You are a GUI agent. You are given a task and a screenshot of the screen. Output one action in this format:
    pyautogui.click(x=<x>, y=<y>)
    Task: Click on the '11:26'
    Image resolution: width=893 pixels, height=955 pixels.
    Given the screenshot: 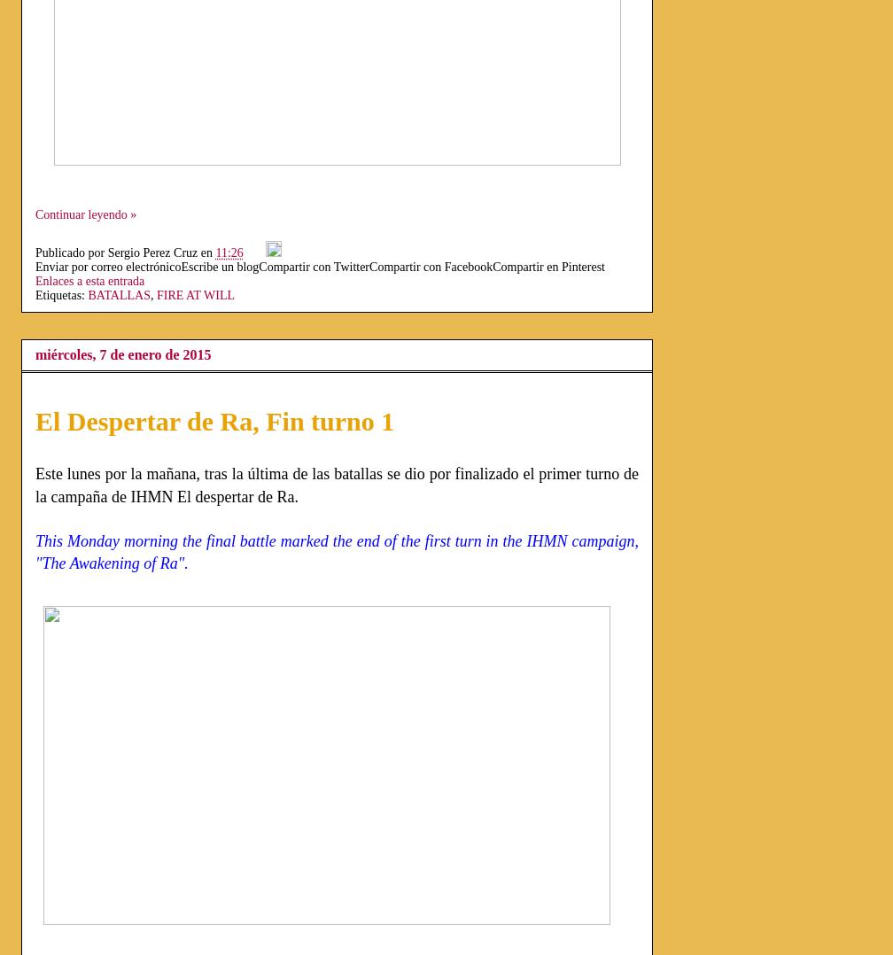 What is the action you would take?
    pyautogui.click(x=229, y=252)
    